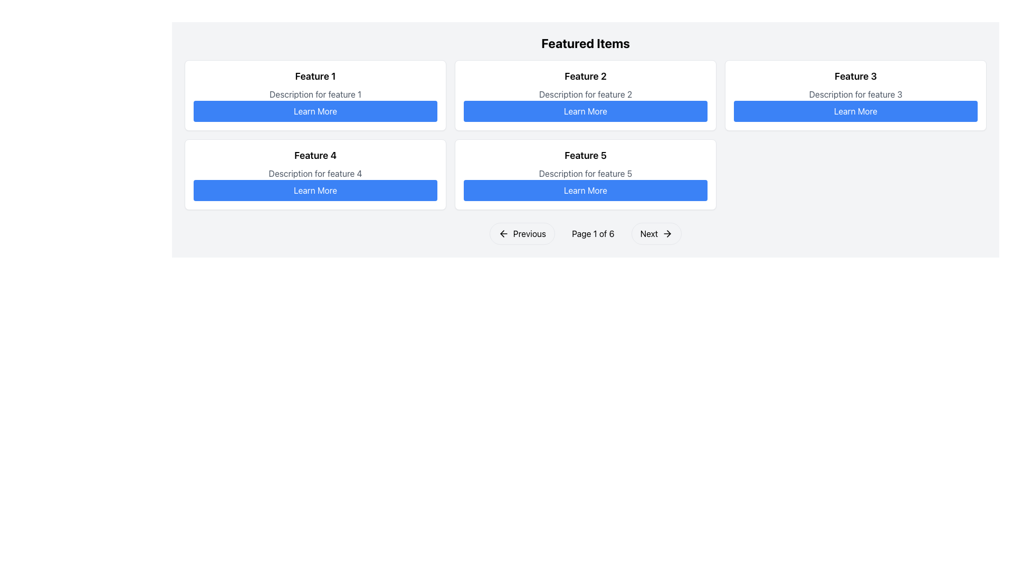 This screenshot has width=1013, height=570. Describe the element at coordinates (315, 111) in the screenshot. I see `the button located in the bottom section of the card labeled 'Feature 1'` at that location.